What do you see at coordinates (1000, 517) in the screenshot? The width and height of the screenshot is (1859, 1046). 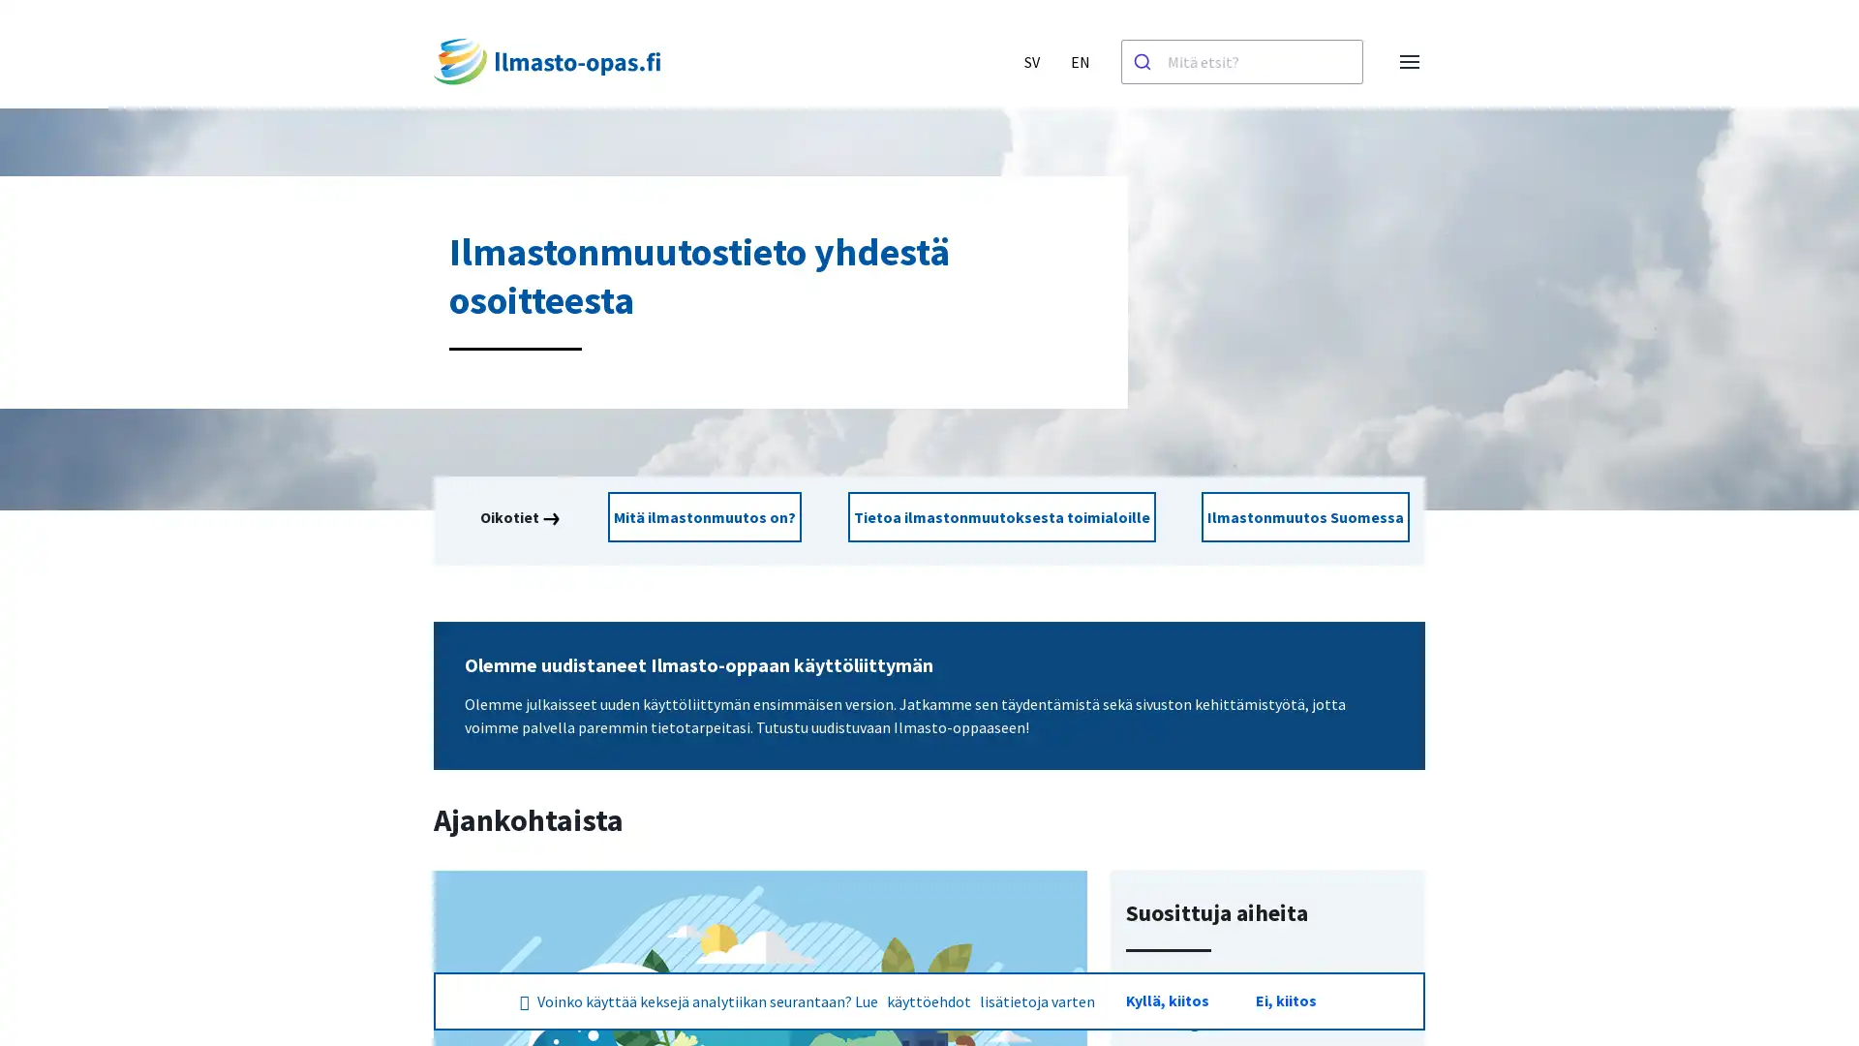 I see `Tietoa ilmastonmuutoksesta toimialoille` at bounding box center [1000, 517].